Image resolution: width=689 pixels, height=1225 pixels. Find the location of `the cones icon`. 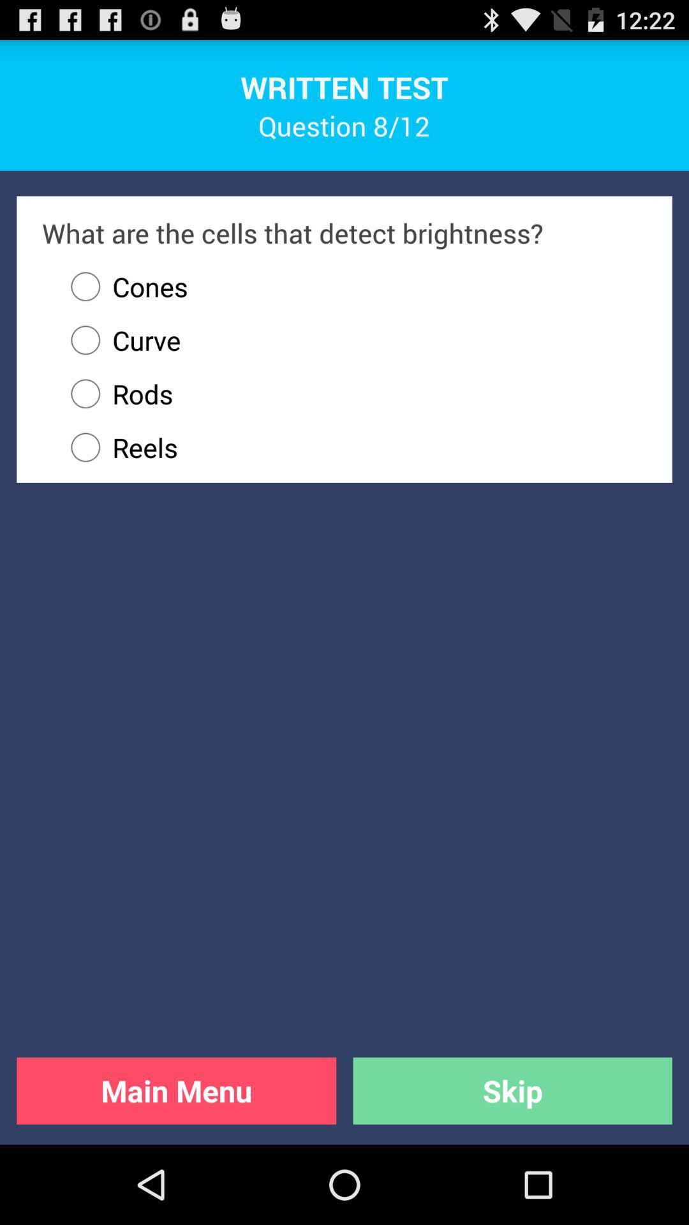

the cones icon is located at coordinates (123, 286).